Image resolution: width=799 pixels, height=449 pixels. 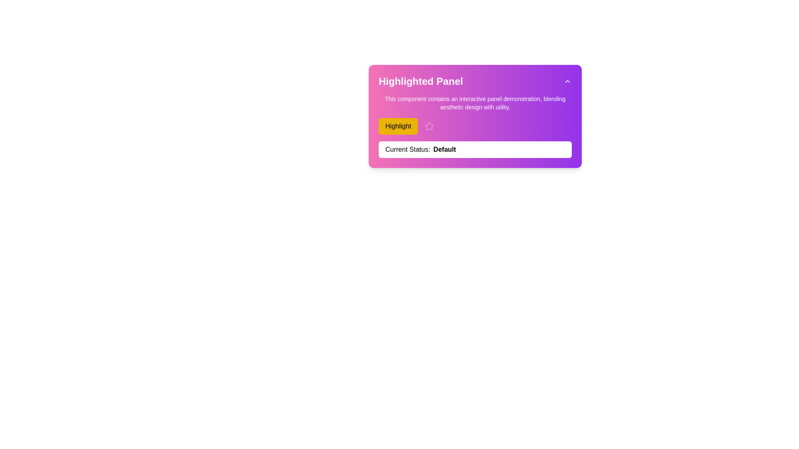 I want to click on the star-shaped icon with a pink fill inside the interactive panel, located to the right of the yellow 'Highlight' button, so click(x=429, y=126).